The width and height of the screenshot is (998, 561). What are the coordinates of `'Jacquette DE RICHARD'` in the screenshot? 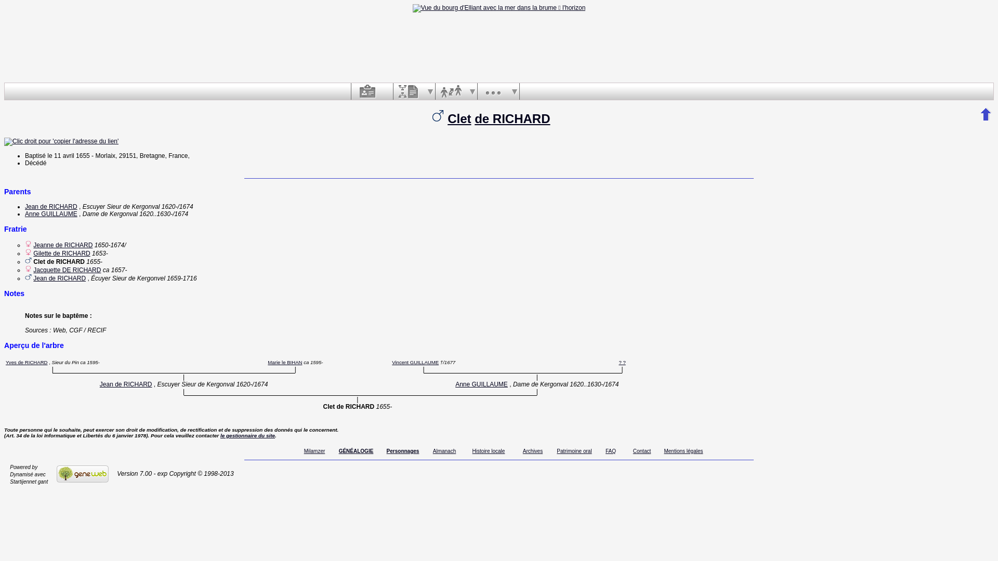 It's located at (67, 270).